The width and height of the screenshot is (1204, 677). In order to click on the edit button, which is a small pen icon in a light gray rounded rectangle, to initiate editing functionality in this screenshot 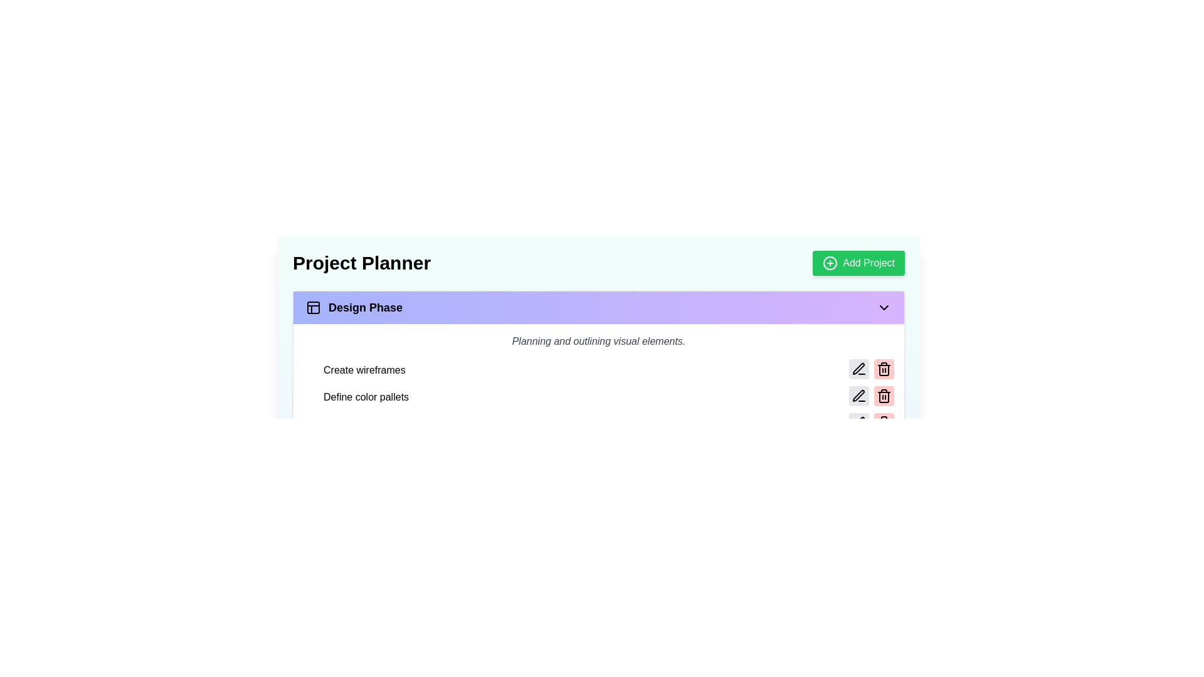, I will do `click(858, 369)`.